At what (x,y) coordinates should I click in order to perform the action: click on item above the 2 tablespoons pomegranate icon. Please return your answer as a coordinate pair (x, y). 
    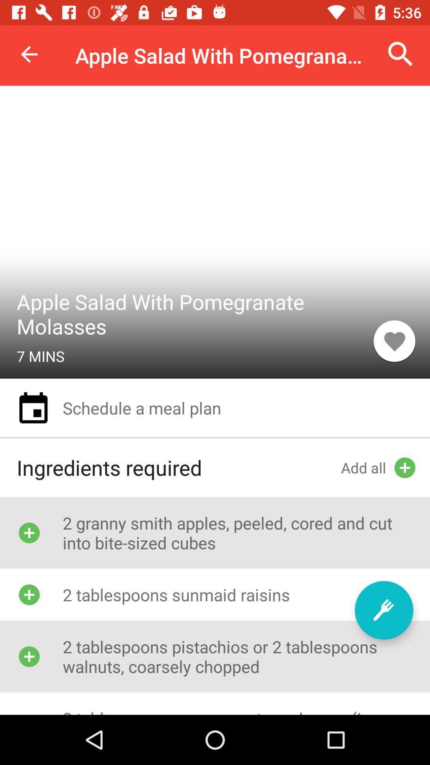
    Looking at the image, I should click on (383, 610).